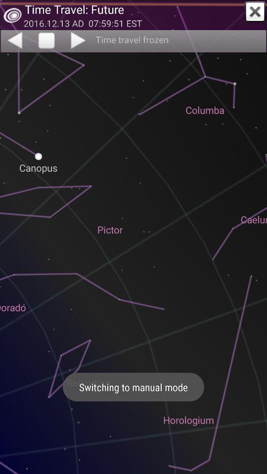 This screenshot has width=267, height=474. Describe the element at coordinates (255, 11) in the screenshot. I see `button` at that location.